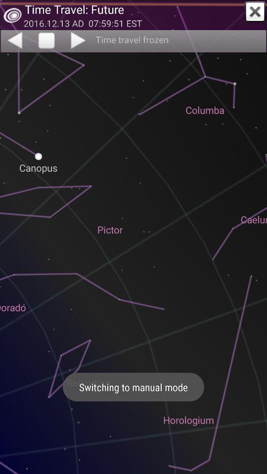 This screenshot has width=267, height=474. Describe the element at coordinates (255, 11) in the screenshot. I see `button` at that location.